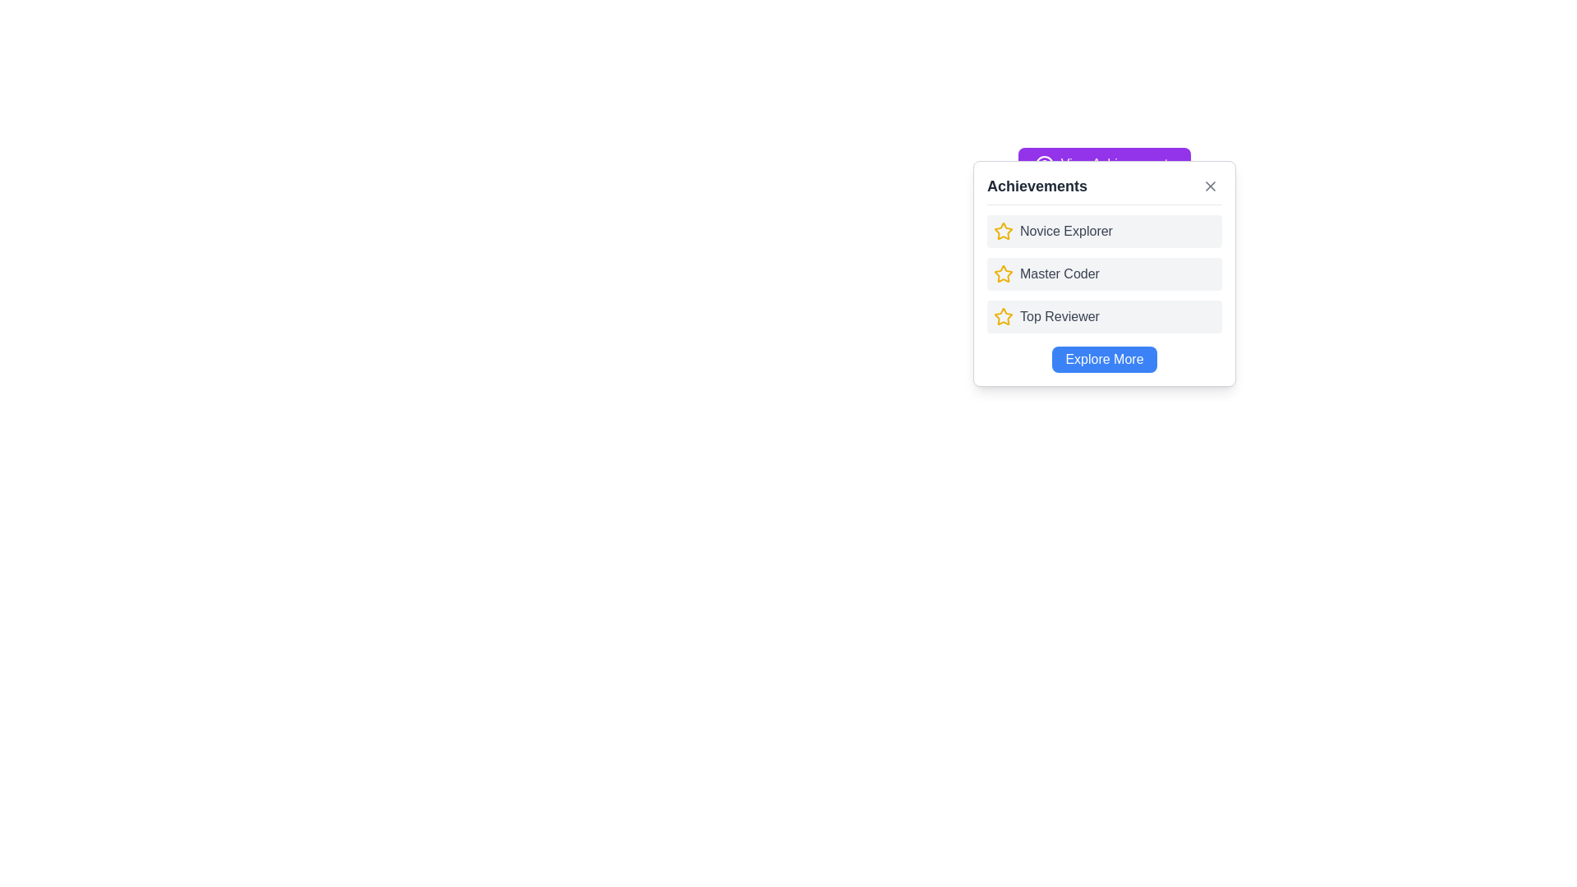  Describe the element at coordinates (1003, 231) in the screenshot. I see `the star-shaped icon with a yellow outline representing the 'Novice Explorer' achievement, located in the top-left section of the white card layout` at that location.